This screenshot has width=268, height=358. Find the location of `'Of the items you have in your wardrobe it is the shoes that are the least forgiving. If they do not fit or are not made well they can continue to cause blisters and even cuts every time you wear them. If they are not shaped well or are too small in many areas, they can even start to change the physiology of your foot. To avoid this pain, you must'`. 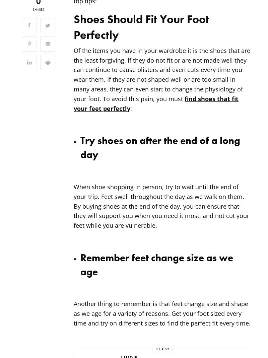

'Of the items you have in your wardrobe it is the shoes that are the least forgiving. If they do not fit or are not made well they can continue to cause blisters and even cuts every time you wear them. If they are not shaped well or are too small in many areas, they can even start to change the physiology of your foot. To avoid this pain, you must' is located at coordinates (162, 74).